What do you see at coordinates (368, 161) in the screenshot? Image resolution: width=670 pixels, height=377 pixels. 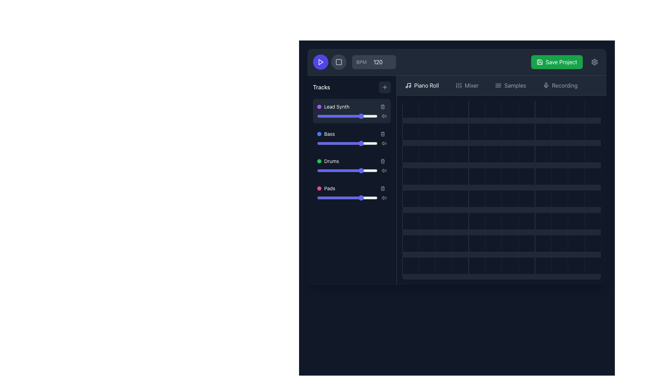 I see `the volume for the 'Drums' track` at bounding box center [368, 161].